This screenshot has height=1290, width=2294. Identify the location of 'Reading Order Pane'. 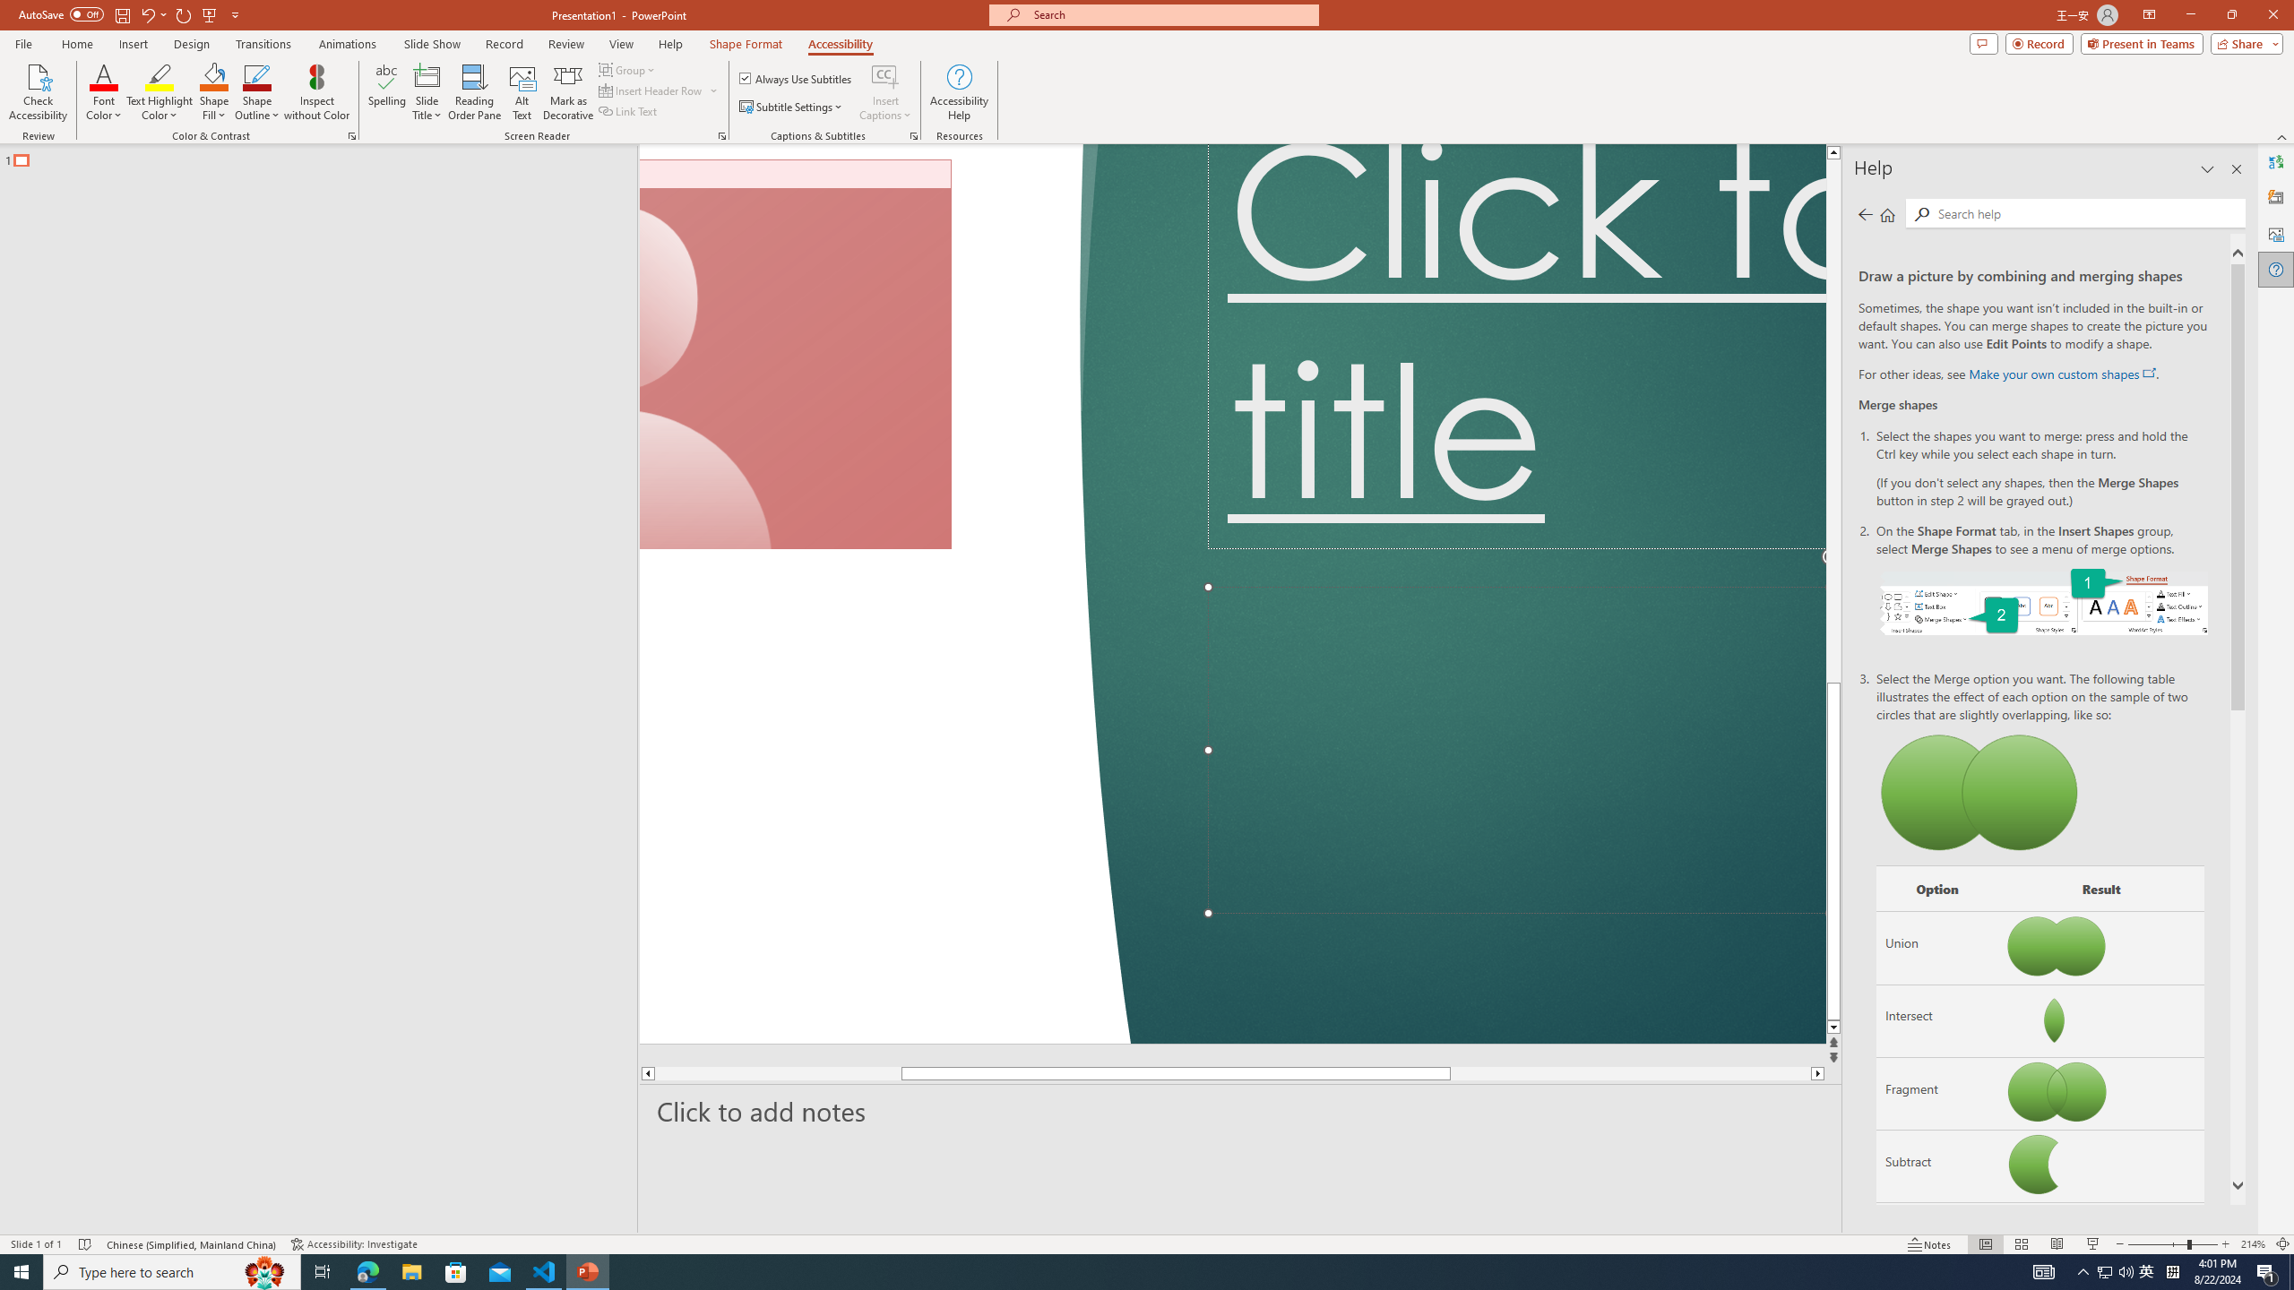
(475, 92).